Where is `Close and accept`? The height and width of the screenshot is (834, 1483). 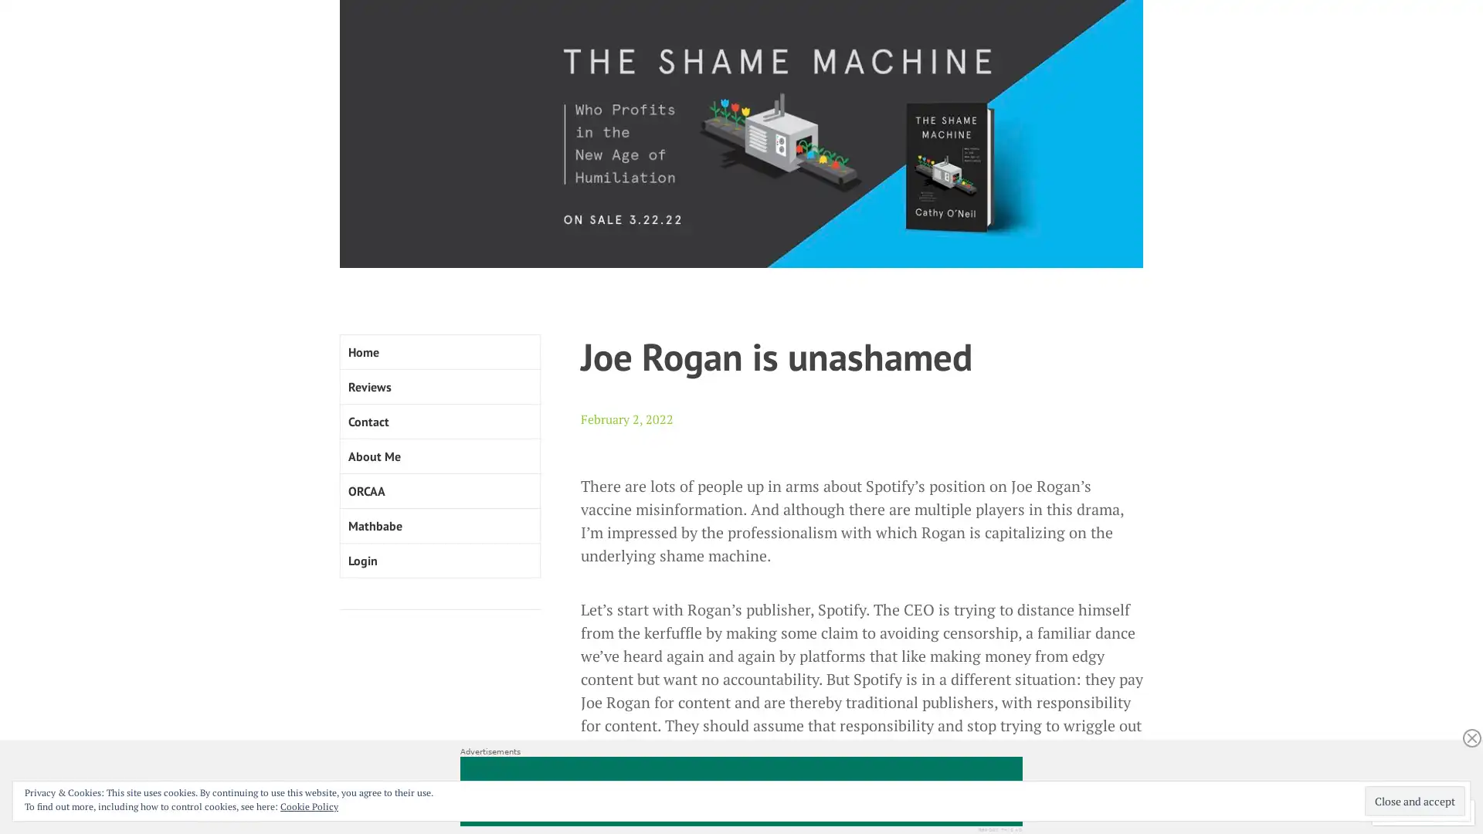 Close and accept is located at coordinates (1415, 800).